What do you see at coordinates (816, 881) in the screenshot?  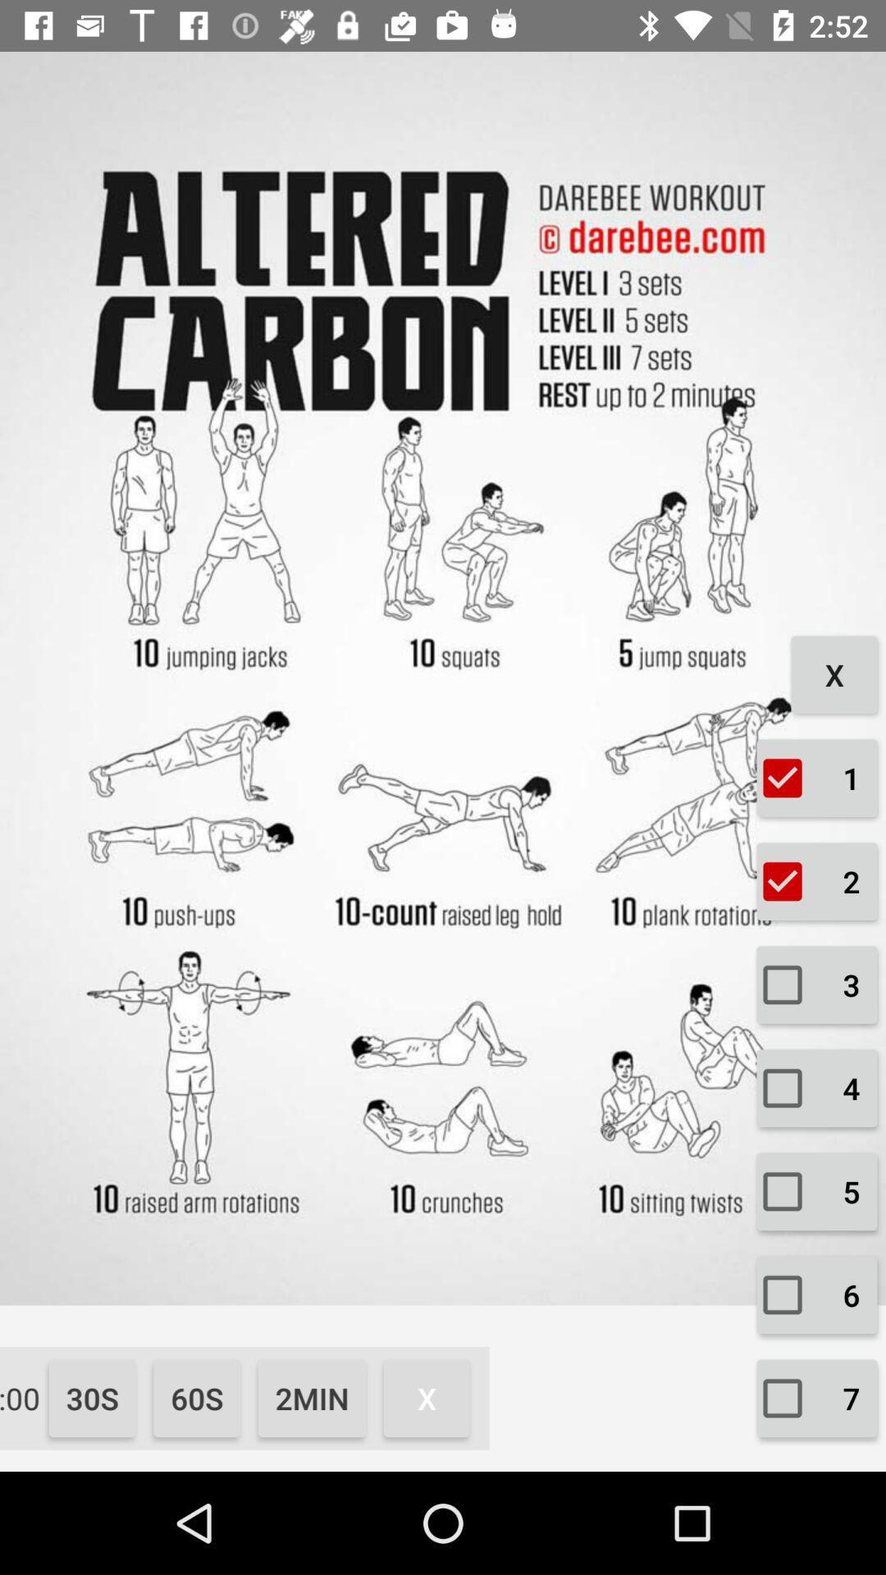 I see `the checkbox which is below the check box 1` at bounding box center [816, 881].